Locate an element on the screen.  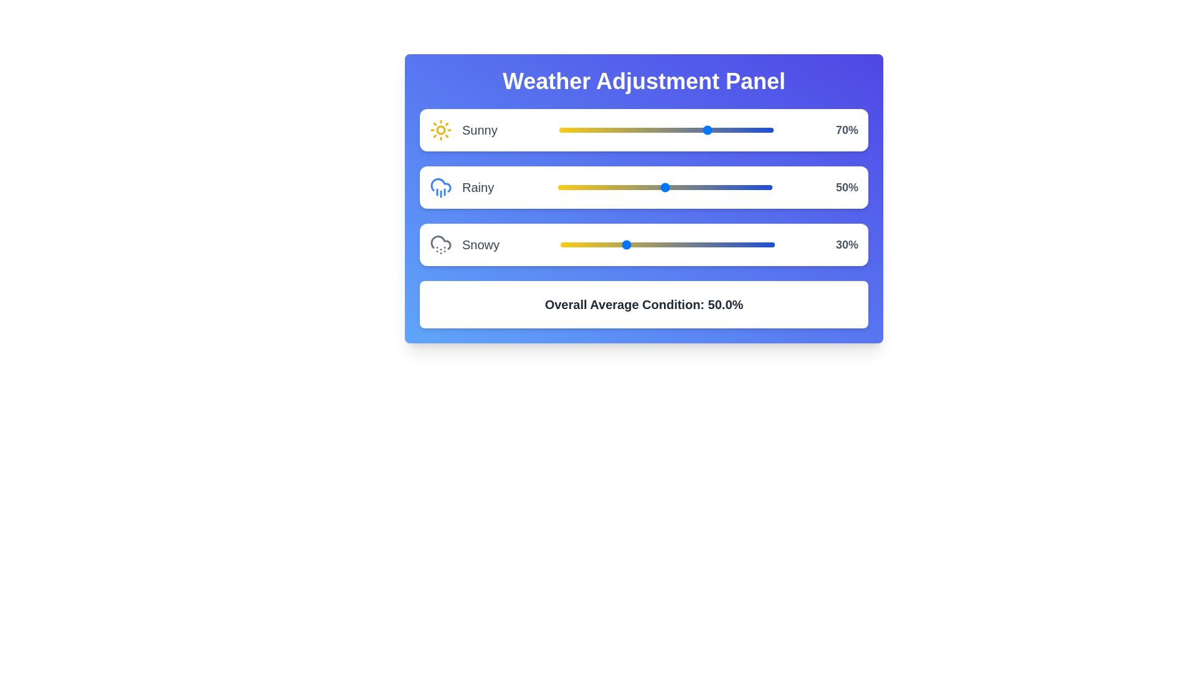
the value of the slider is located at coordinates (713, 245).